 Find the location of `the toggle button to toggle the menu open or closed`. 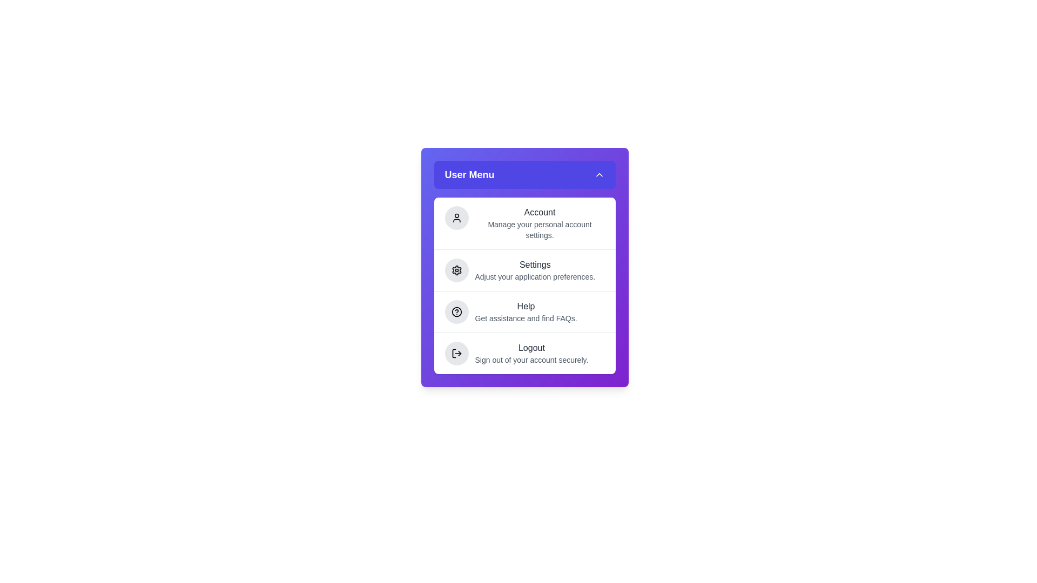

the toggle button to toggle the menu open or closed is located at coordinates (524, 174).